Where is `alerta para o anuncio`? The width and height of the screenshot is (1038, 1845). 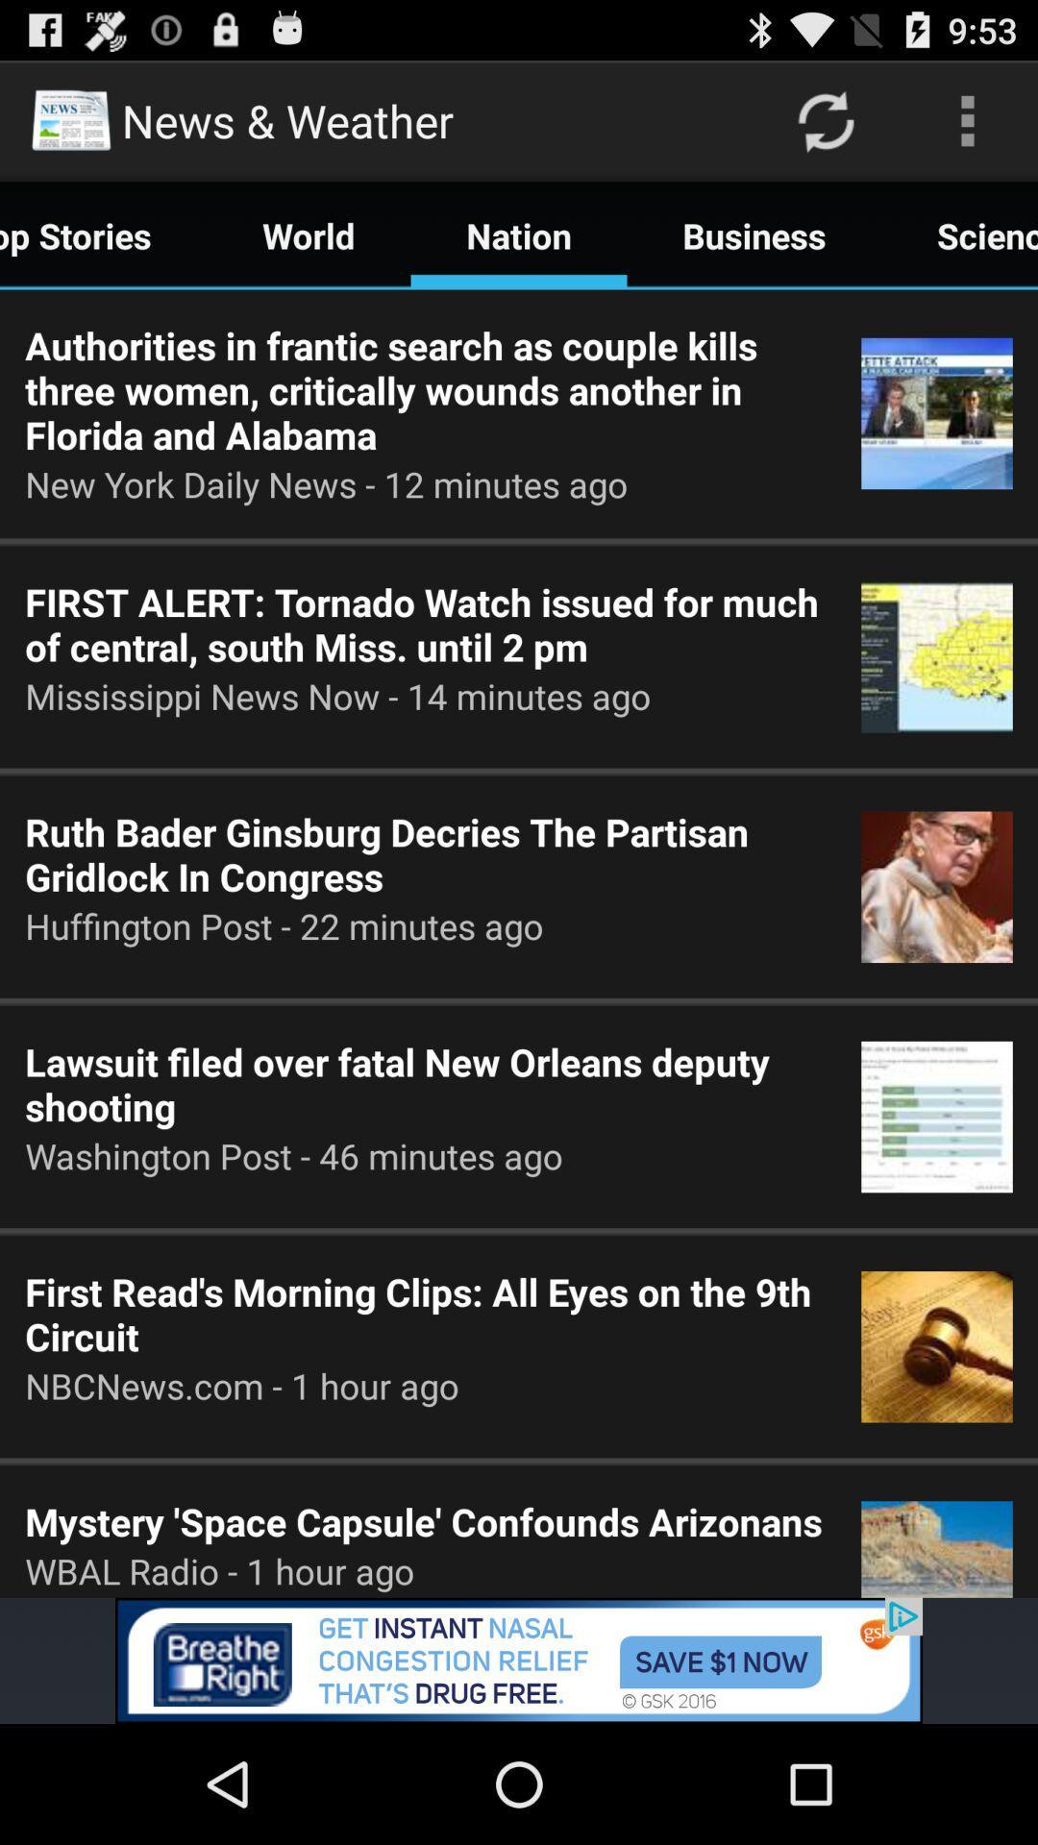 alerta para o anuncio is located at coordinates (519, 1660).